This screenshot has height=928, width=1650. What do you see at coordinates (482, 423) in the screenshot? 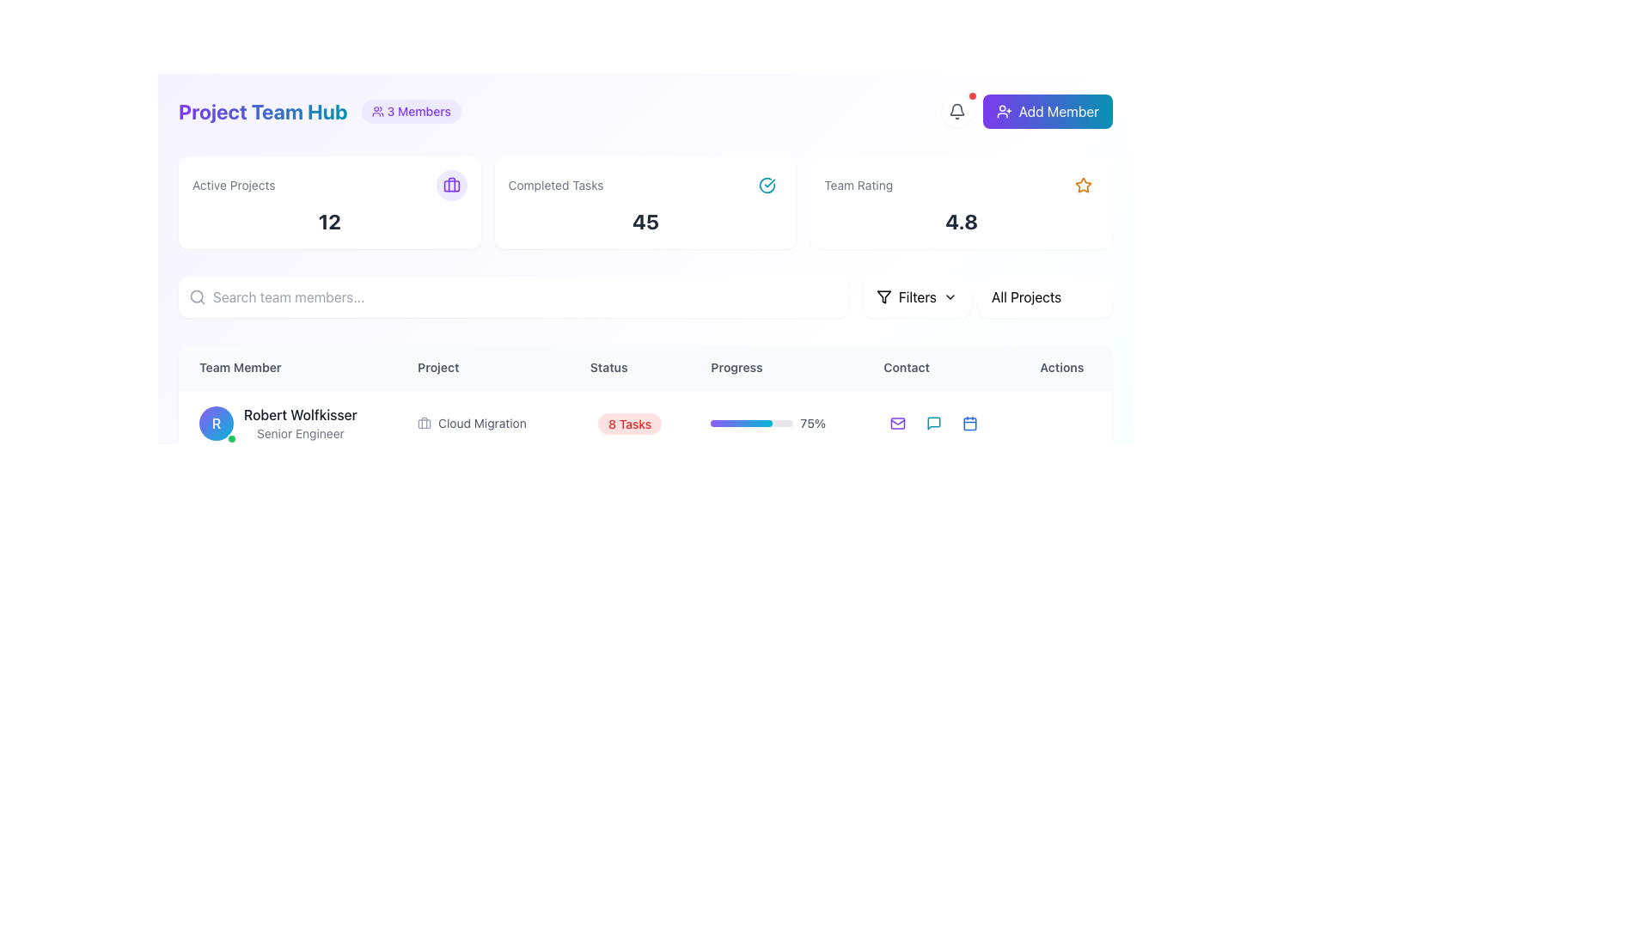
I see `the project name indicator label with an icon located in the 'Project' column of the table next to 'Robert Wolfkisser' and before '8 Tasks'` at bounding box center [482, 423].